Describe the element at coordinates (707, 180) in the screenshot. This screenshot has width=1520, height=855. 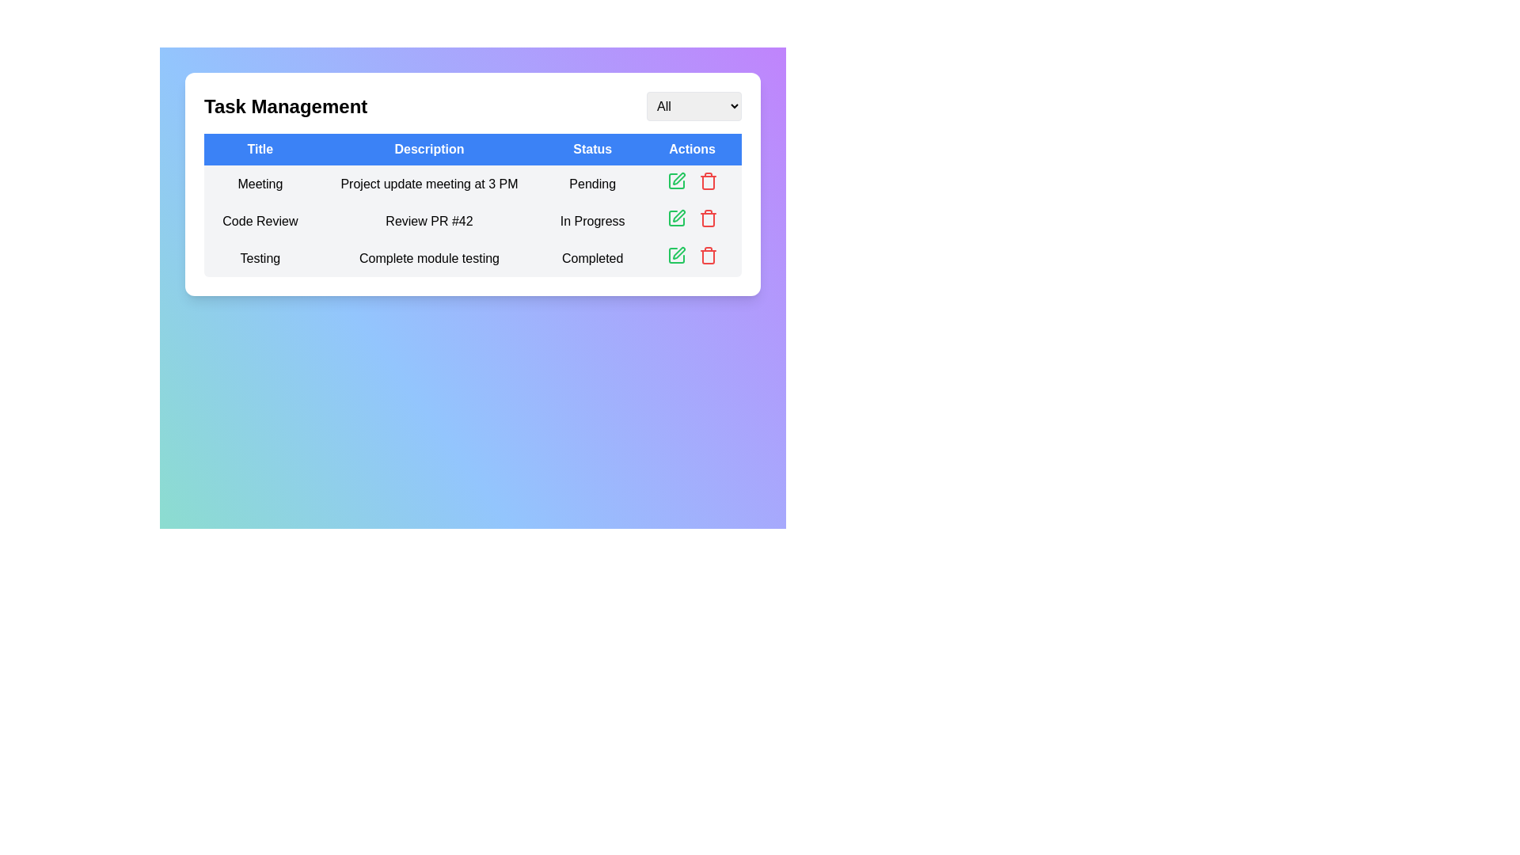
I see `the red-colored trash bin icon used for deleting purposes, located at the right-most end of a row of action icons in the Actions column of the table` at that location.